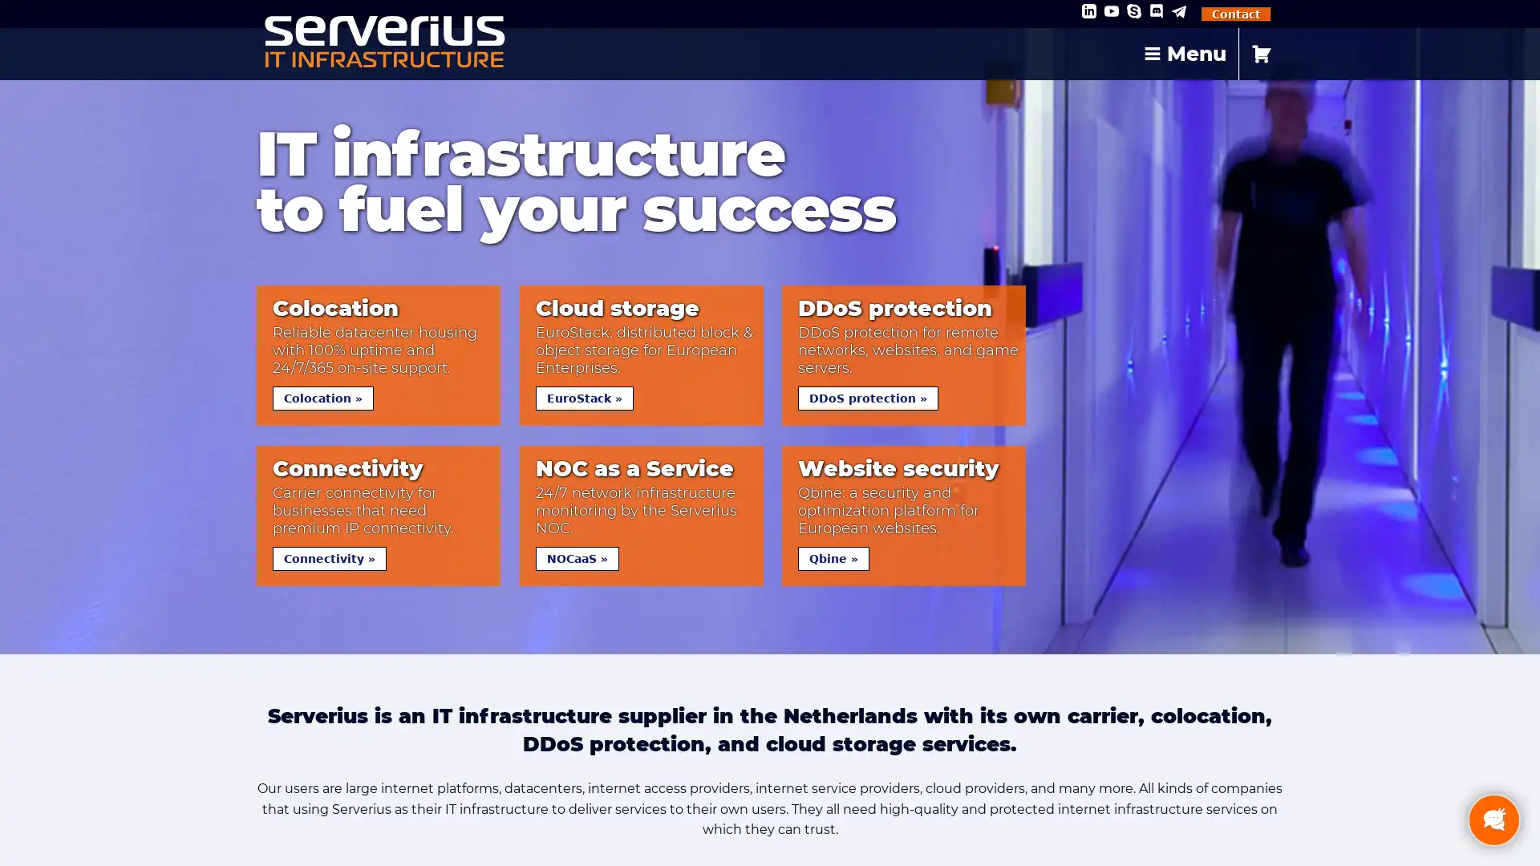  I want to click on DDoS protection, so click(867, 397).